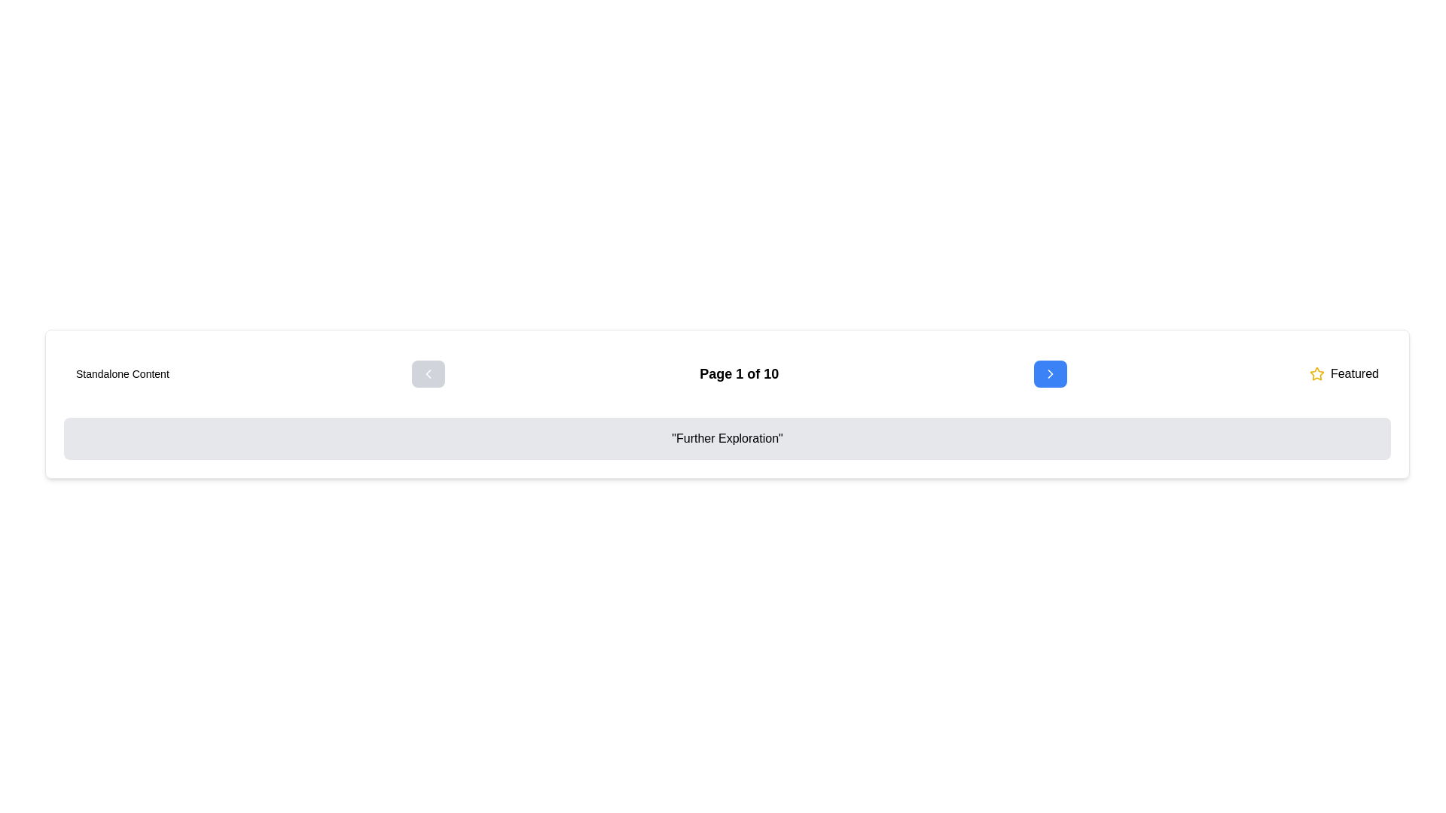 Image resolution: width=1446 pixels, height=813 pixels. What do you see at coordinates (1316, 373) in the screenshot?
I see `the star icon located in the upper-right corner of the interface, adjacent to the 'Featured' label` at bounding box center [1316, 373].